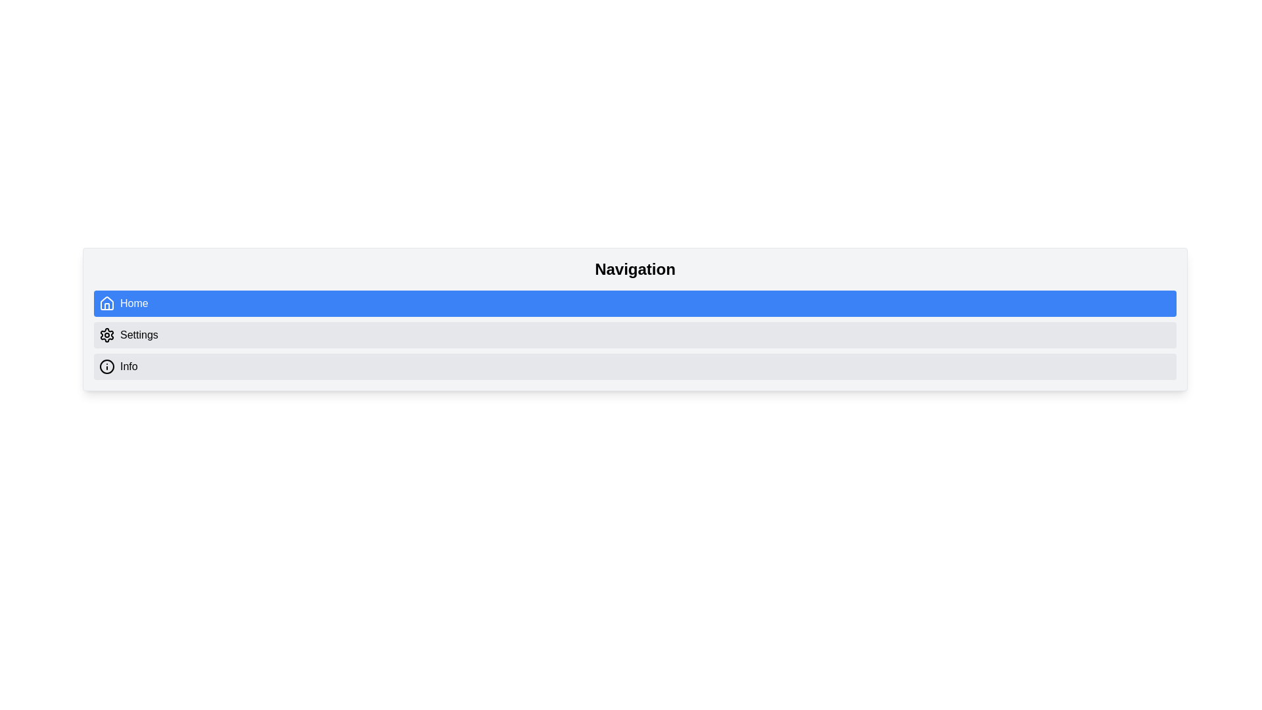 The width and height of the screenshot is (1262, 710). I want to click on the door icon within the Home navigation item's icon, which represents an entryway at the bottom of the house figure, so click(107, 306).